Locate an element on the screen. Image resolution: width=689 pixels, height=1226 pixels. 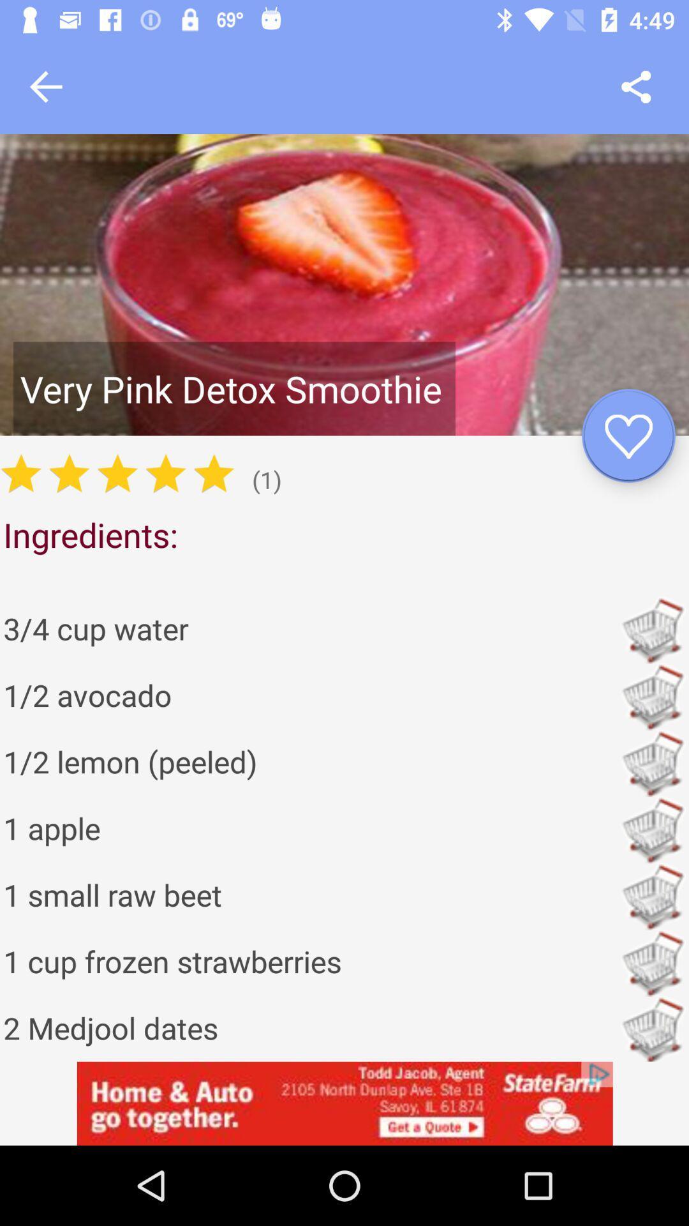
open advertisements is located at coordinates (344, 1103).